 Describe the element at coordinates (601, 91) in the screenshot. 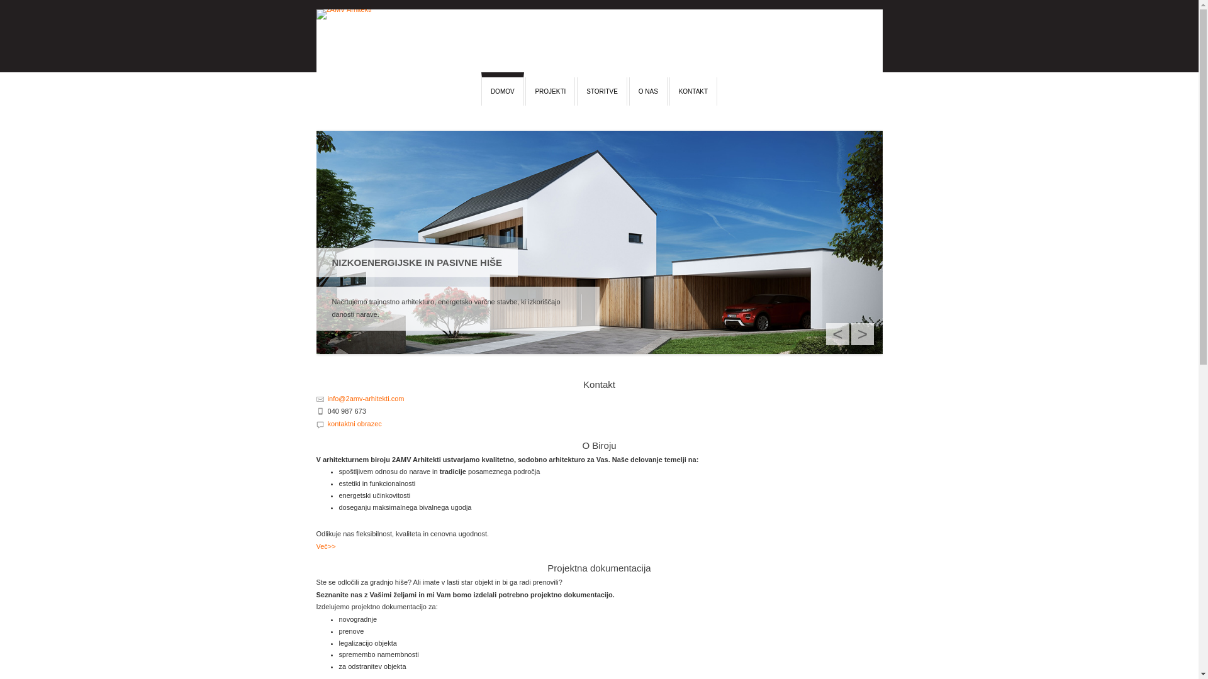

I see `'STORITVE'` at that location.